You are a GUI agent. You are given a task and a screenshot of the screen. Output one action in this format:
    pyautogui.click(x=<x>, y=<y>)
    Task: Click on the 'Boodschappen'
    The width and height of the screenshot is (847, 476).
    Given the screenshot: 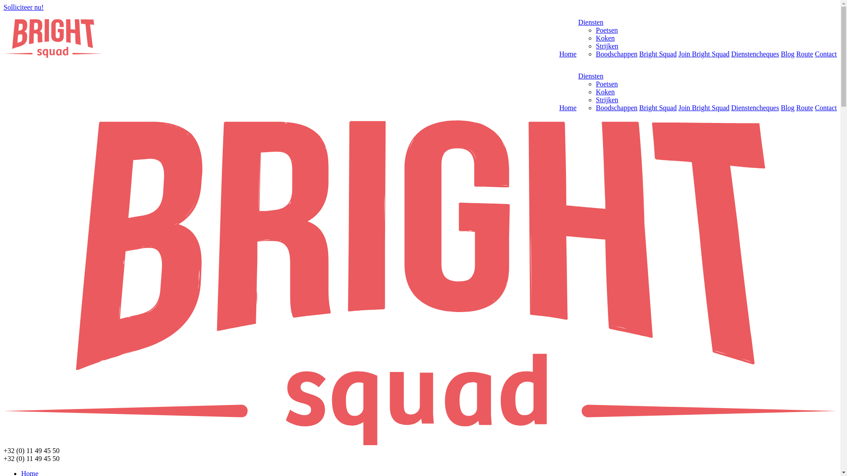 What is the action you would take?
    pyautogui.click(x=616, y=107)
    